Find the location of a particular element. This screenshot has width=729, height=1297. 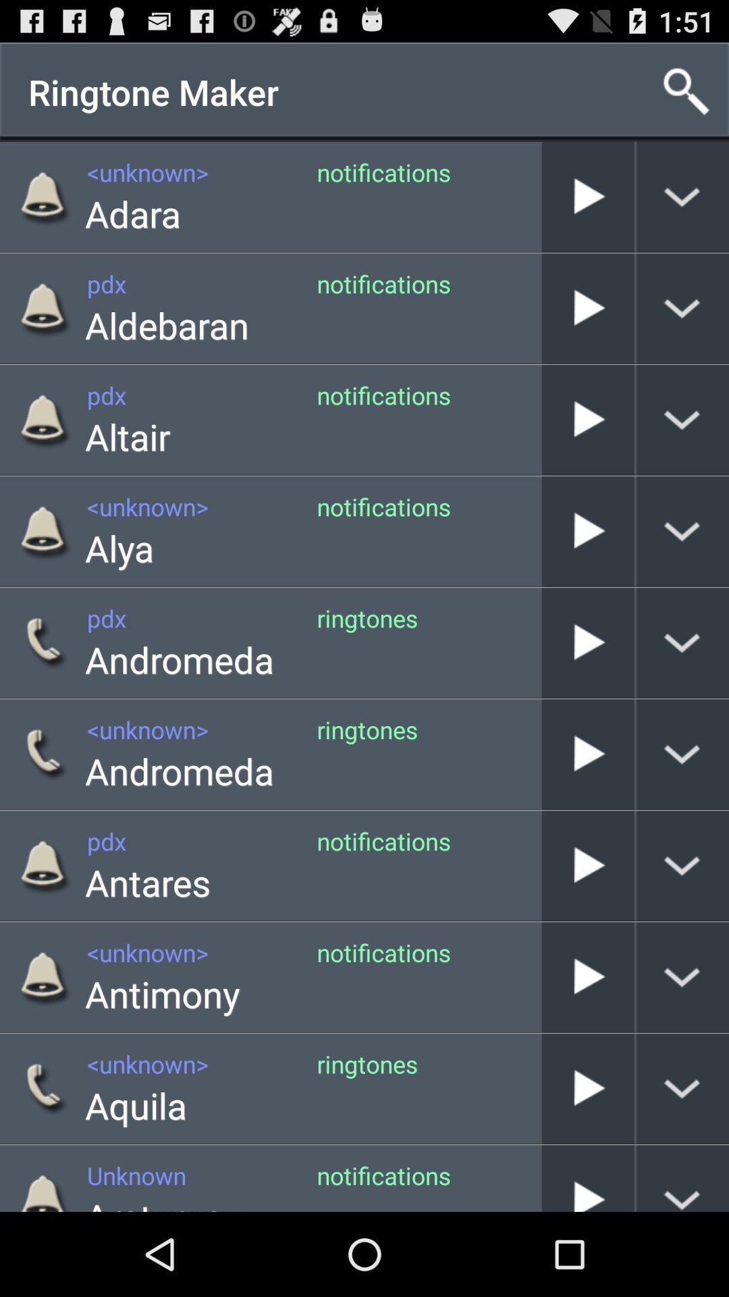

message is located at coordinates (587, 1177).